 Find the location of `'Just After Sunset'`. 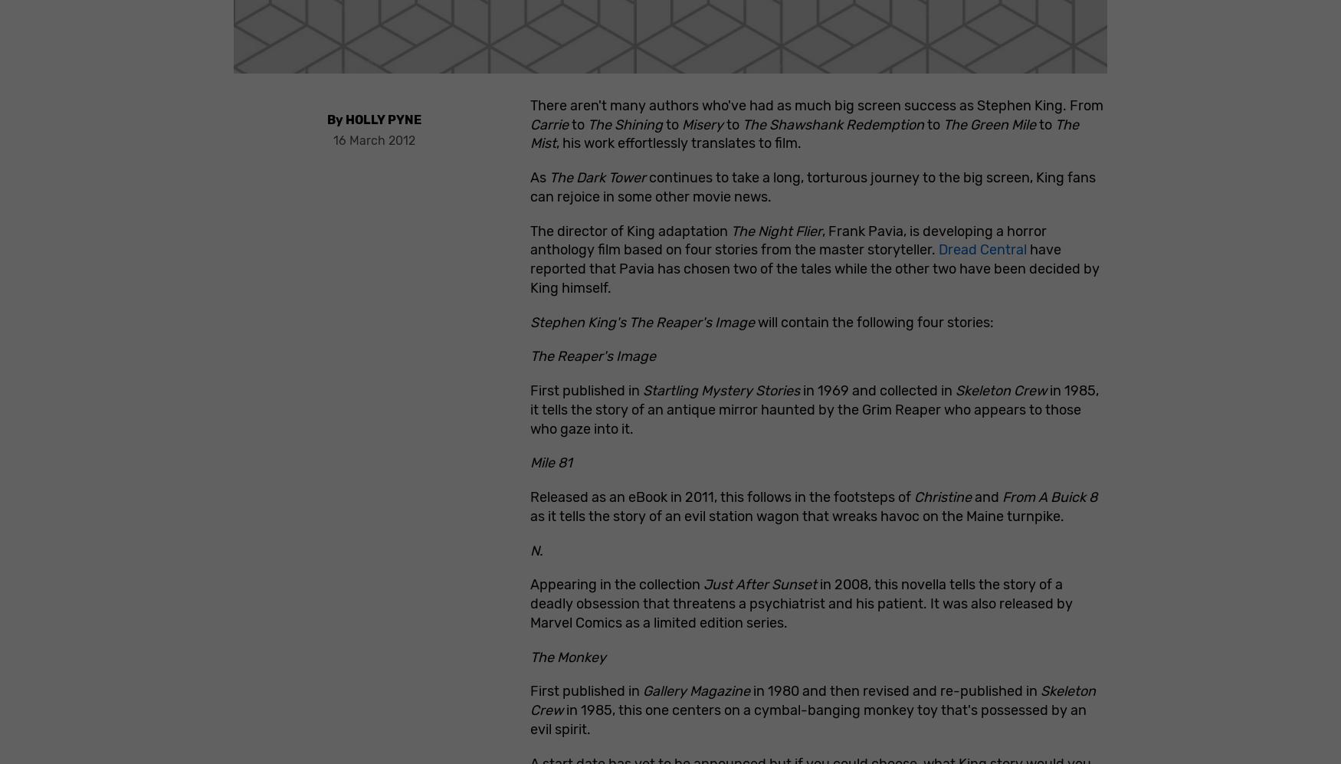

'Just After Sunset' is located at coordinates (759, 585).